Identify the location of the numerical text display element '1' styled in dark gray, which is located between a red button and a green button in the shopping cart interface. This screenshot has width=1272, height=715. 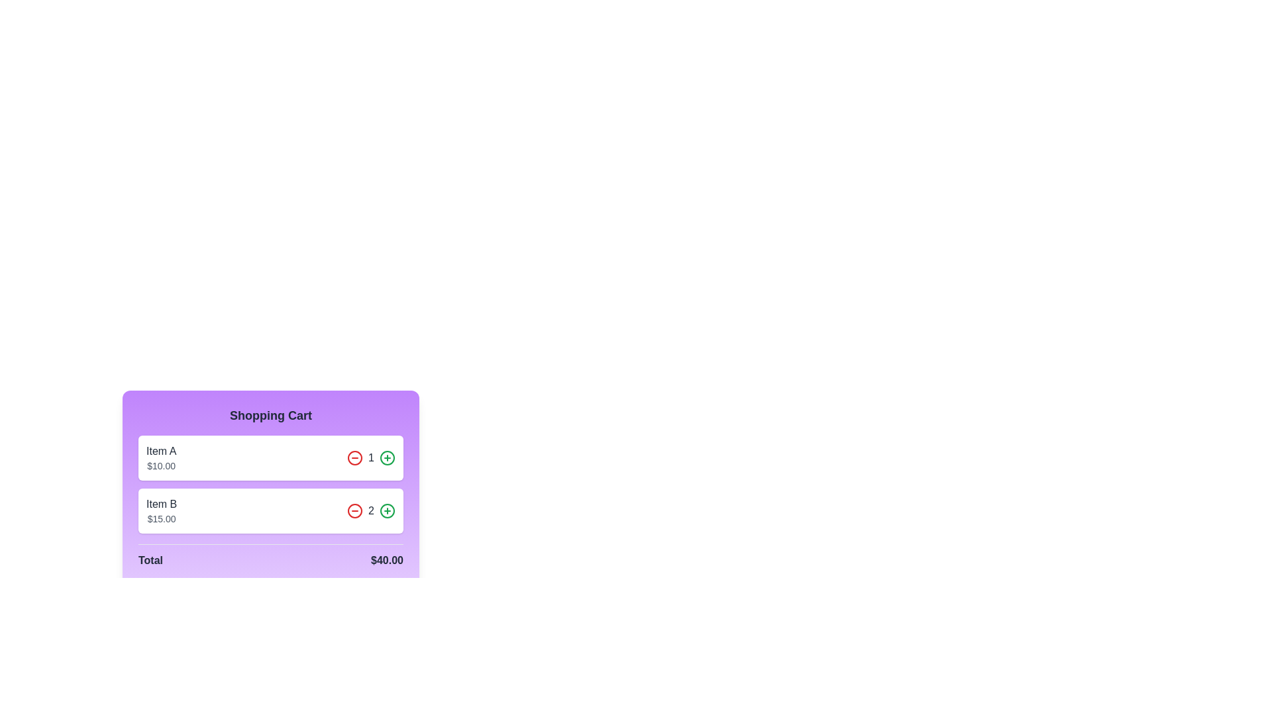
(371, 457).